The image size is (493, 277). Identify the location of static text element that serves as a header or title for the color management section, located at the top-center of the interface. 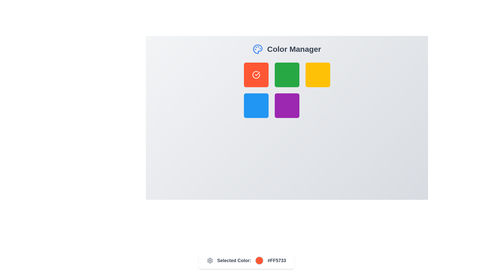
(287, 49).